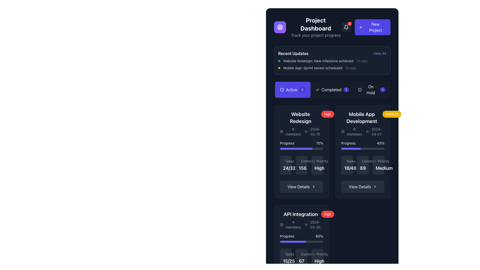 This screenshot has height=270, width=480. I want to click on the text element displaying 'Website Redesign: New milestone achieved' in the 'Recent Updates' section, so click(318, 60).